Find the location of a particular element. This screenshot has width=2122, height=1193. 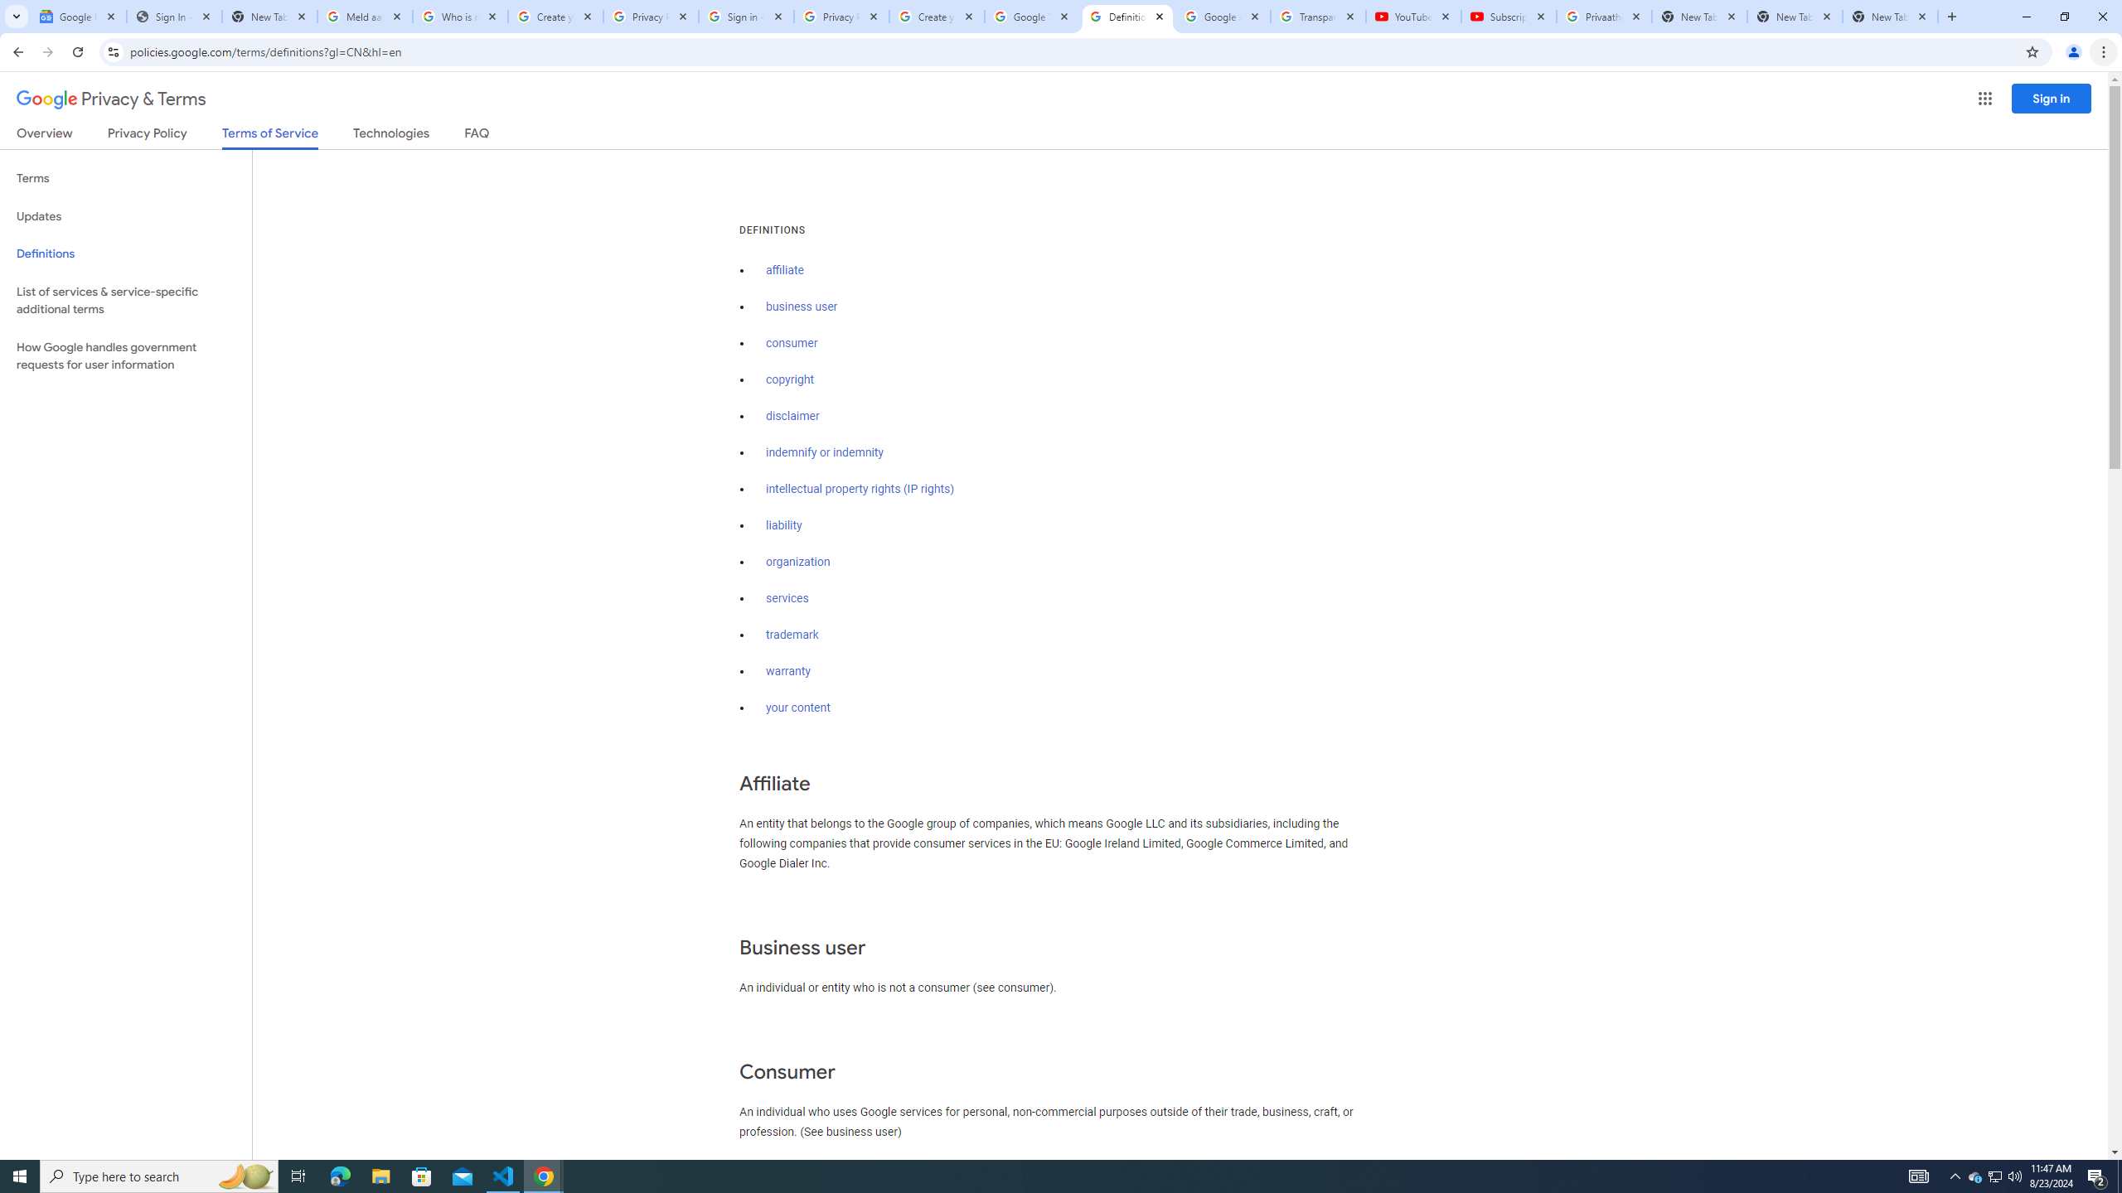

'disclaimer' is located at coordinates (792, 416).